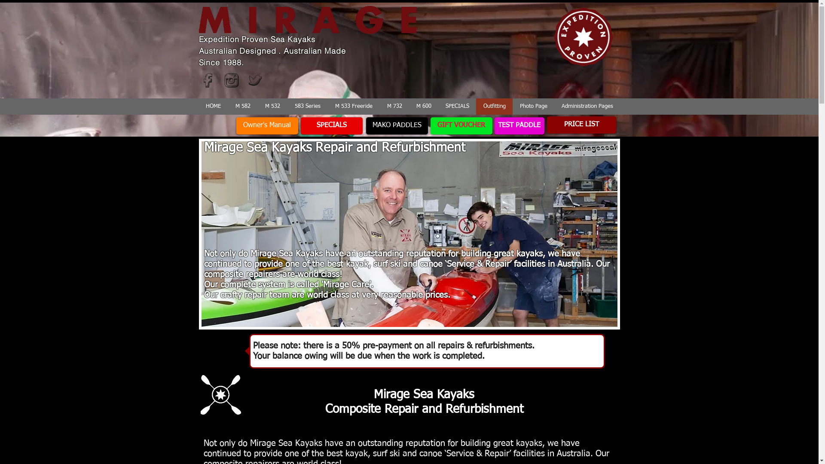  I want to click on 'Owner's Manual', so click(267, 126).